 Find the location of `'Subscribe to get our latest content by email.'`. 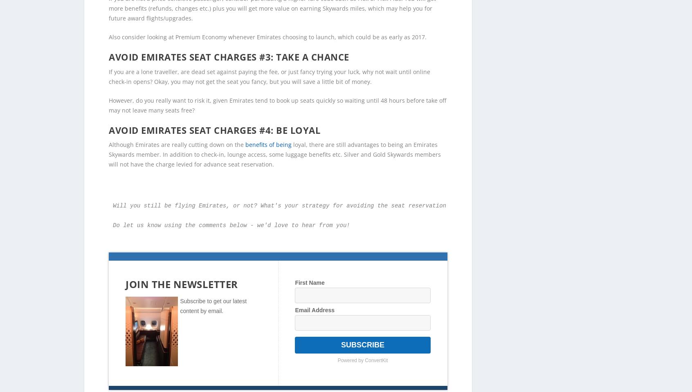

'Subscribe to get our latest content by email.' is located at coordinates (213, 292).